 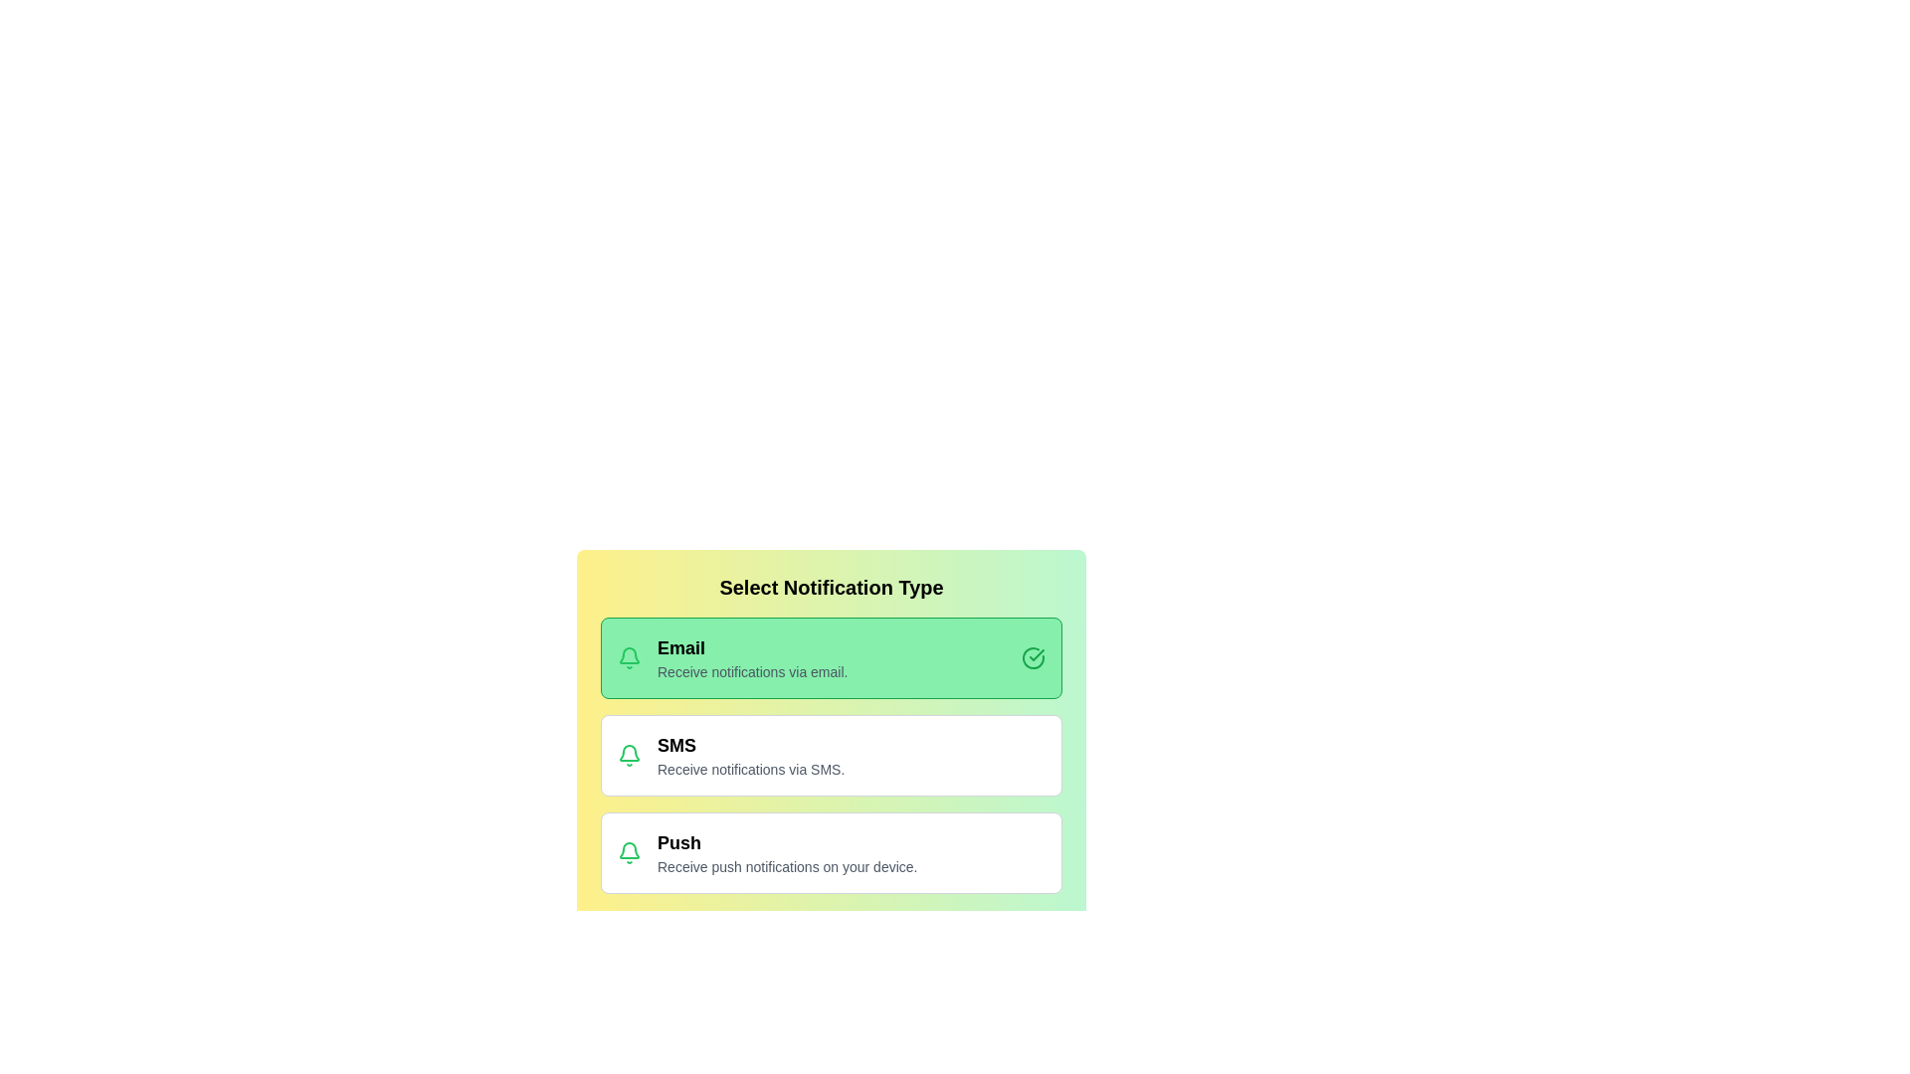 What do you see at coordinates (831, 658) in the screenshot?
I see `the notification type selector button labeled 'Email' for keyboard navigation` at bounding box center [831, 658].